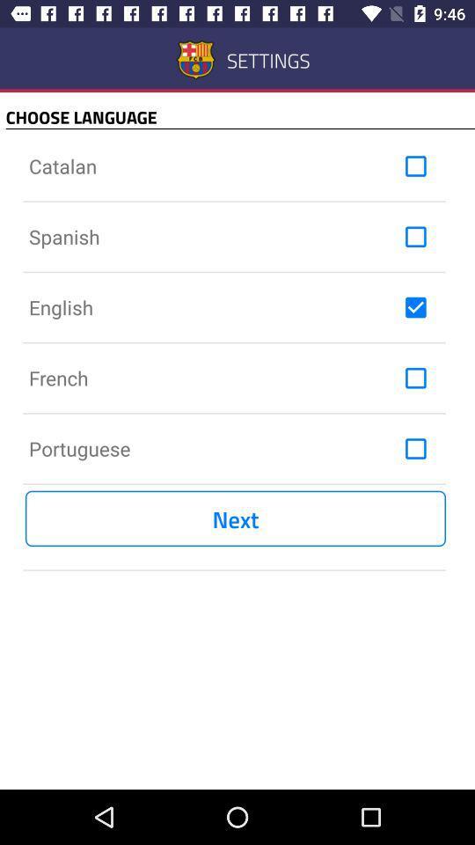  I want to click on spanish language, so click(415, 236).